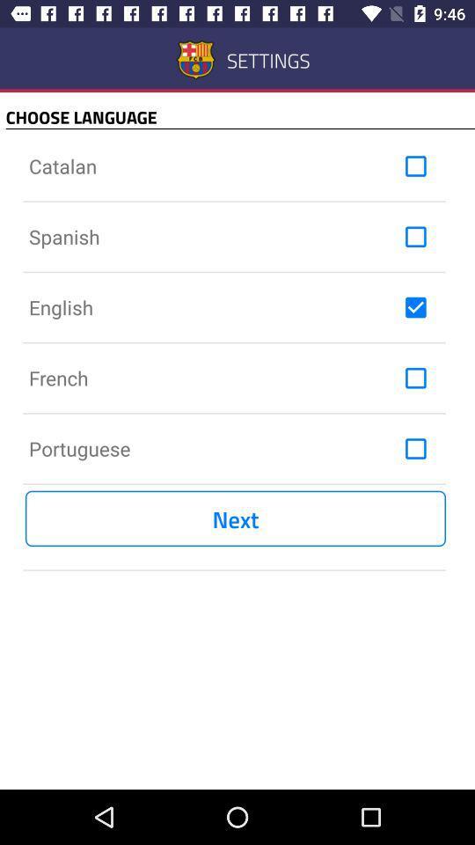  I want to click on spanish language, so click(415, 236).